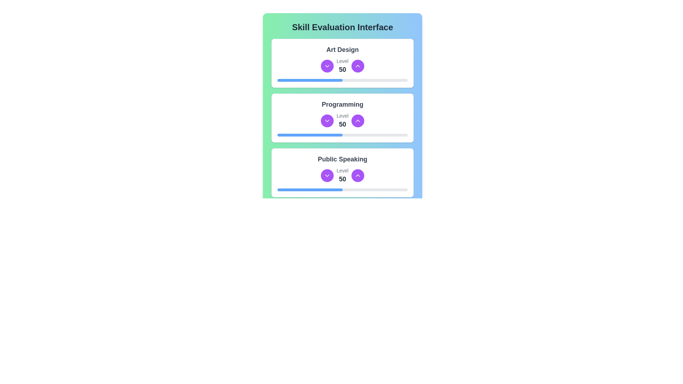 The image size is (683, 384). Describe the element at coordinates (343, 170) in the screenshot. I see `the Text Label that indicates 'Level' above the numerical value '50' in the 'Public Speaking' section` at that location.